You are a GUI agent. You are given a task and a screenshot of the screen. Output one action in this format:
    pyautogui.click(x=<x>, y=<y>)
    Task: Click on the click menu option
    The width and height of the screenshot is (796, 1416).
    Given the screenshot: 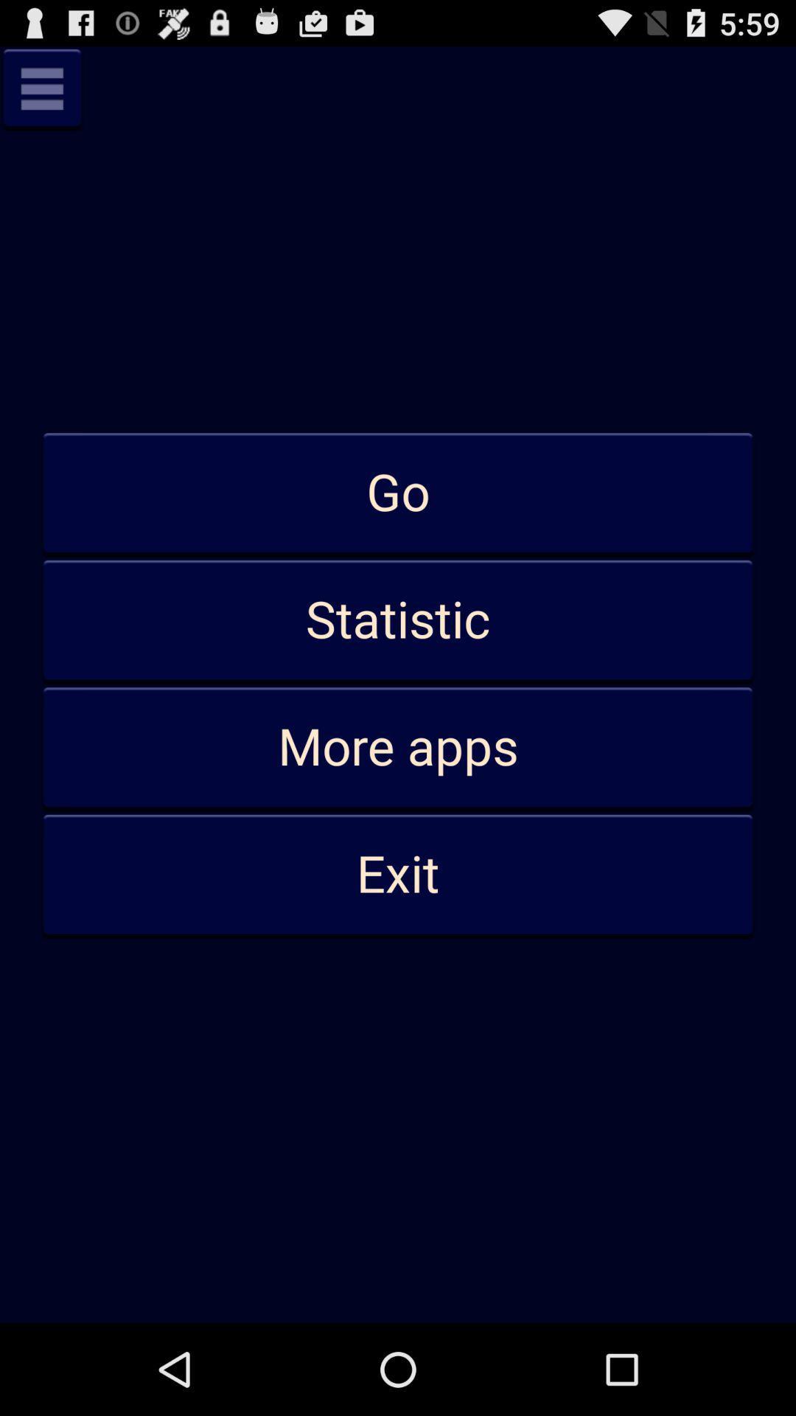 What is the action you would take?
    pyautogui.click(x=41, y=88)
    